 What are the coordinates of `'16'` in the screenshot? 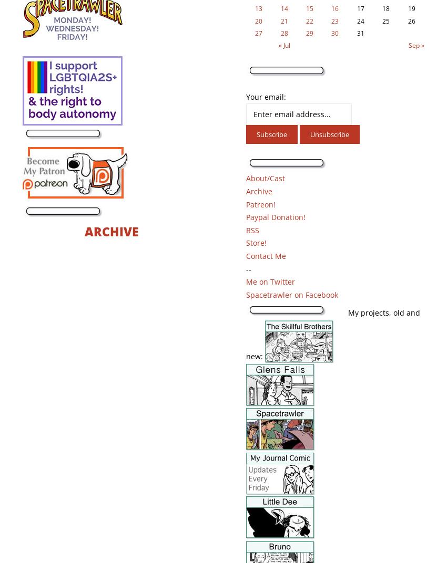 It's located at (334, 8).